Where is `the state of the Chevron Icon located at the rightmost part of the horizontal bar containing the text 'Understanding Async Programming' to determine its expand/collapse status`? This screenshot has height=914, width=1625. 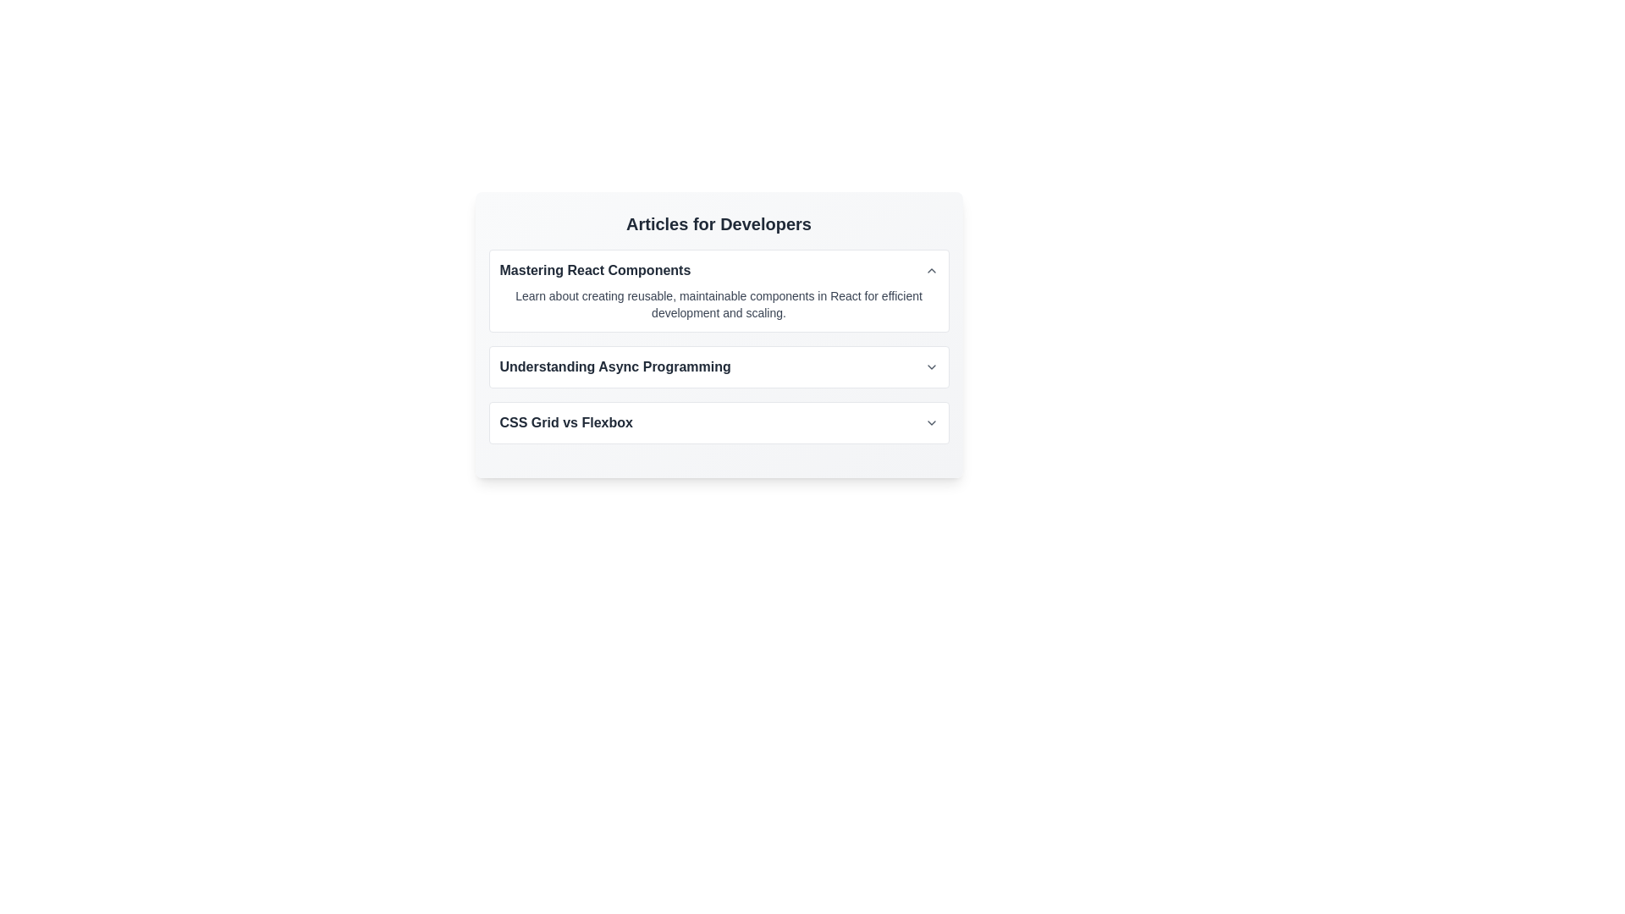 the state of the Chevron Icon located at the rightmost part of the horizontal bar containing the text 'Understanding Async Programming' to determine its expand/collapse status is located at coordinates (930, 366).